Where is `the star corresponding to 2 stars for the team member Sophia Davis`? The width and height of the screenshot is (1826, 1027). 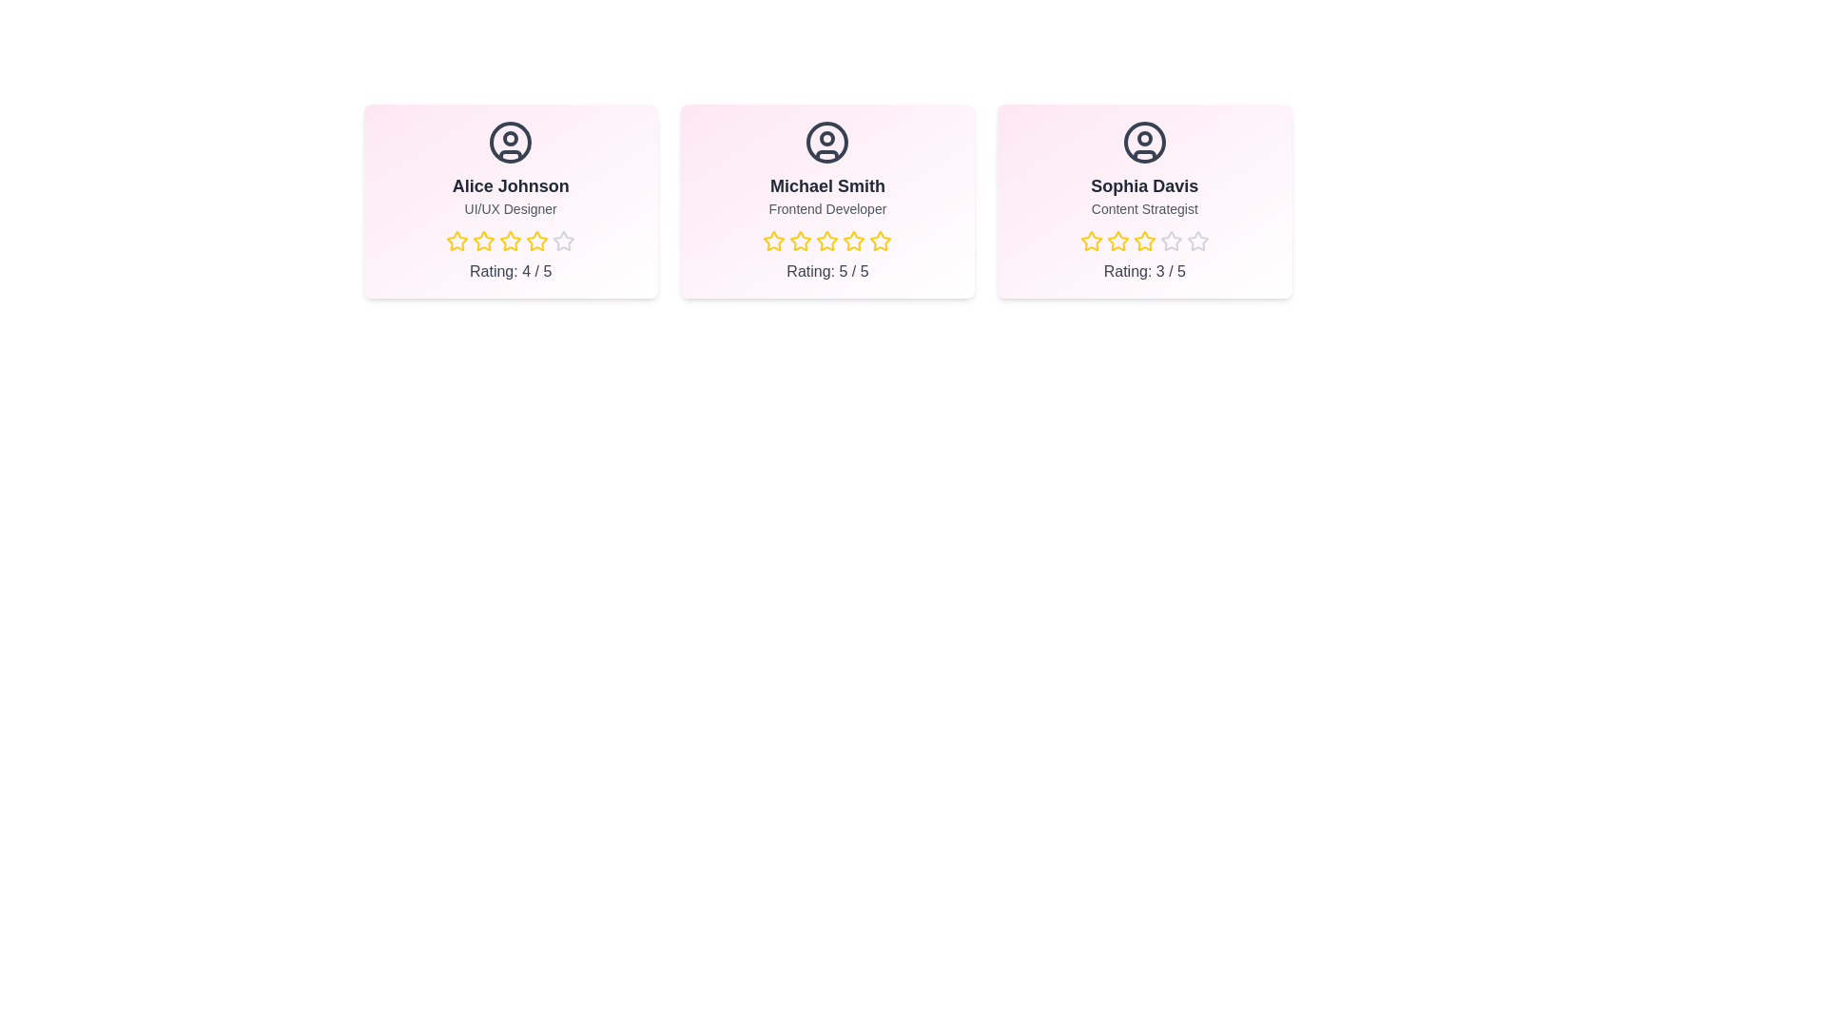 the star corresponding to 2 stars for the team member Sophia Davis is located at coordinates (1117, 241).